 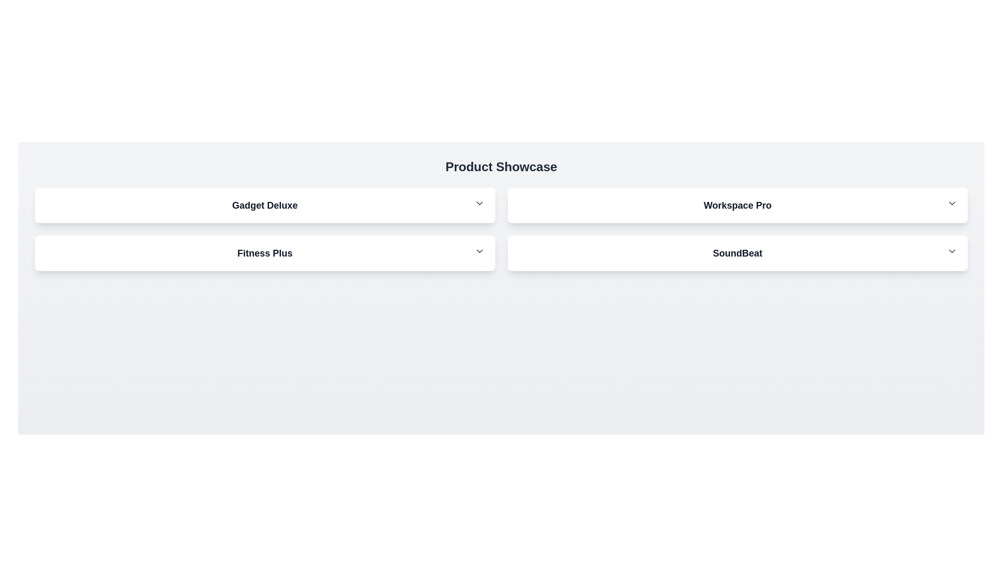 What do you see at coordinates (952, 251) in the screenshot?
I see `the chevron-down icon located at the bottom-right corner of the SoundBeat button` at bounding box center [952, 251].